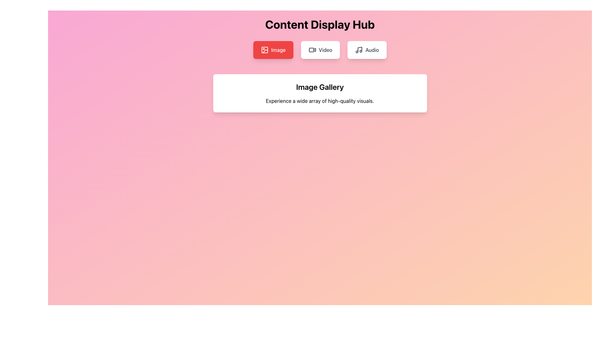  What do you see at coordinates (359, 50) in the screenshot?
I see `the 'Audio' SVG Icon, which is part of the button for audio-related actions, located to the left of the text in the rightmost position of the button row` at bounding box center [359, 50].